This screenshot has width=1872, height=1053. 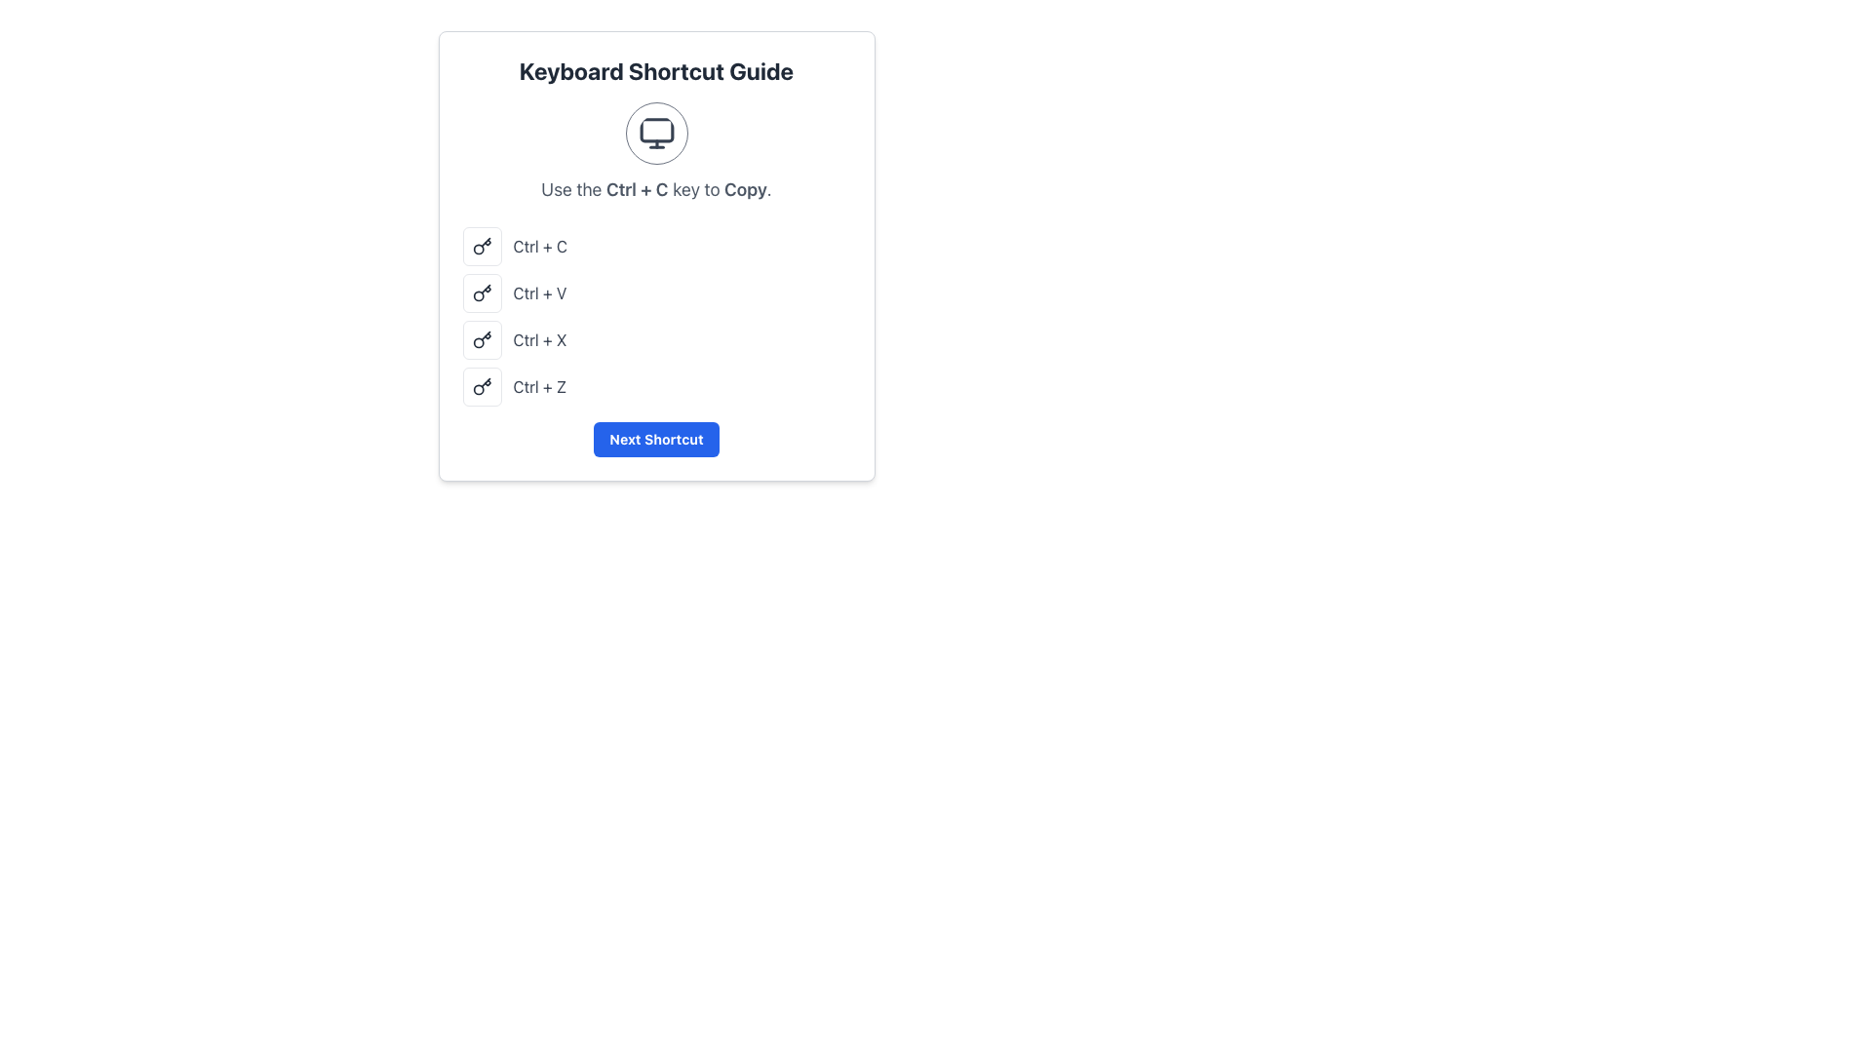 I want to click on the text element that instructs the user on the keyboard shortcut 'Ctrl + C', which is located below a computer monitor icon and above a list of keyboard shortcuts, so click(x=656, y=190).